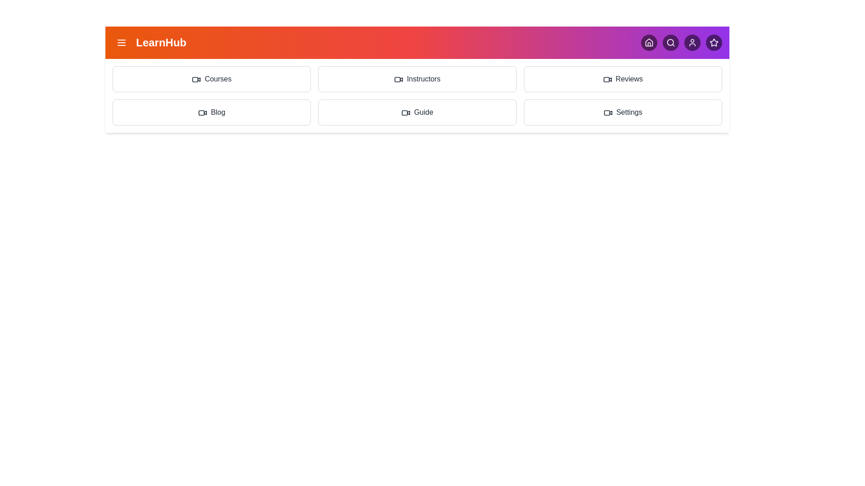  I want to click on the menu item Reviews, so click(622, 79).